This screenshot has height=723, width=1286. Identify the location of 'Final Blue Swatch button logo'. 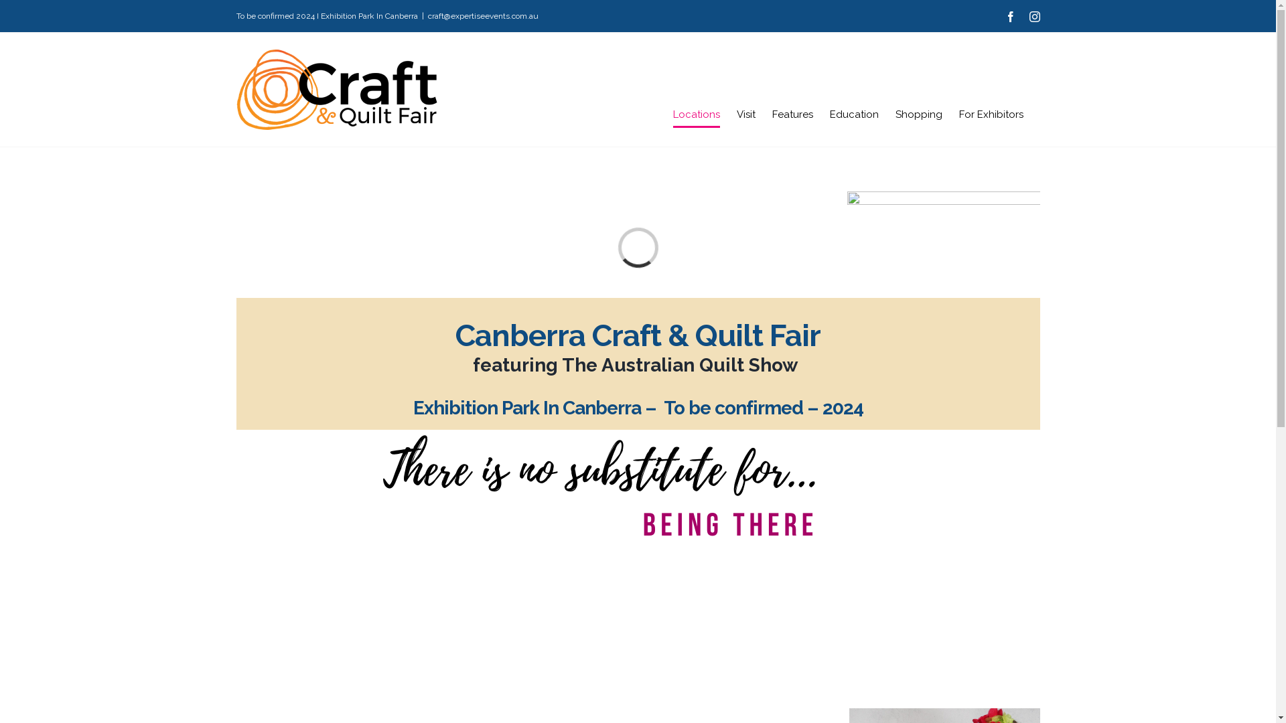
(942, 289).